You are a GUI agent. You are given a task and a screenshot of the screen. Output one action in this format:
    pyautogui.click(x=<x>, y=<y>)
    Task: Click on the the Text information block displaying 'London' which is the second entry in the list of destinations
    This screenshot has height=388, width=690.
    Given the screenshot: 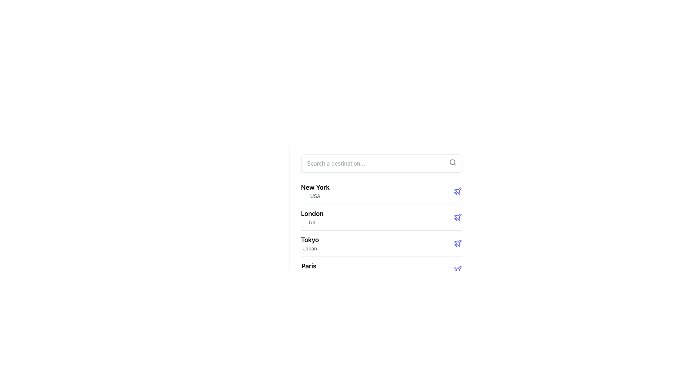 What is the action you would take?
    pyautogui.click(x=312, y=217)
    